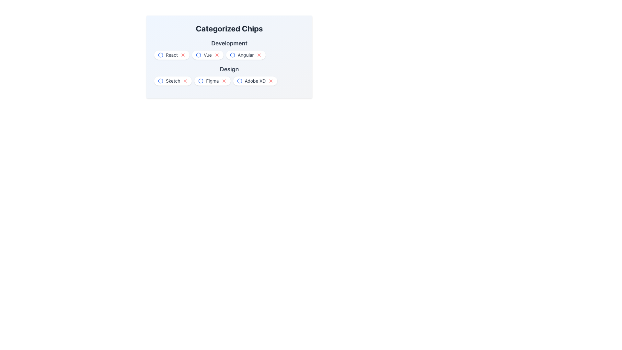 The width and height of the screenshot is (622, 350). What do you see at coordinates (173, 81) in the screenshot?
I see `the 'Sketch' selectable chip button located in the second row of buttons within the 'Design' section` at bounding box center [173, 81].